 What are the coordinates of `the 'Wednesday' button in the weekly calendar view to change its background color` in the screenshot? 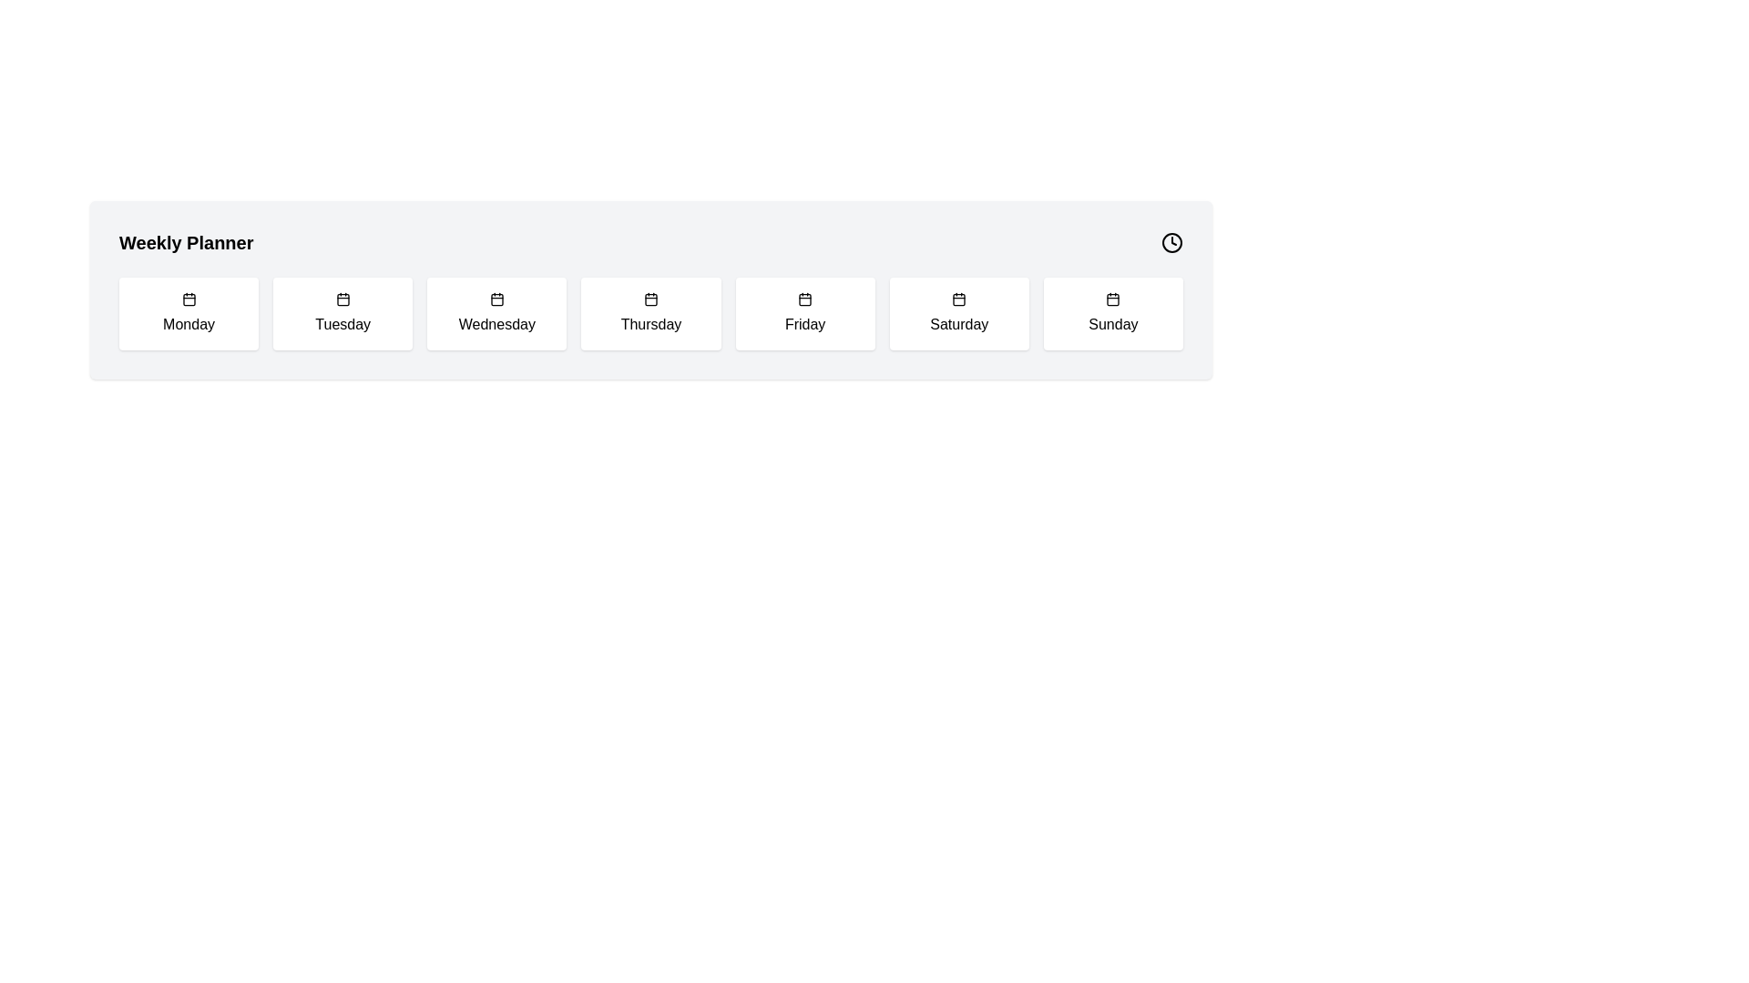 It's located at (496, 312).